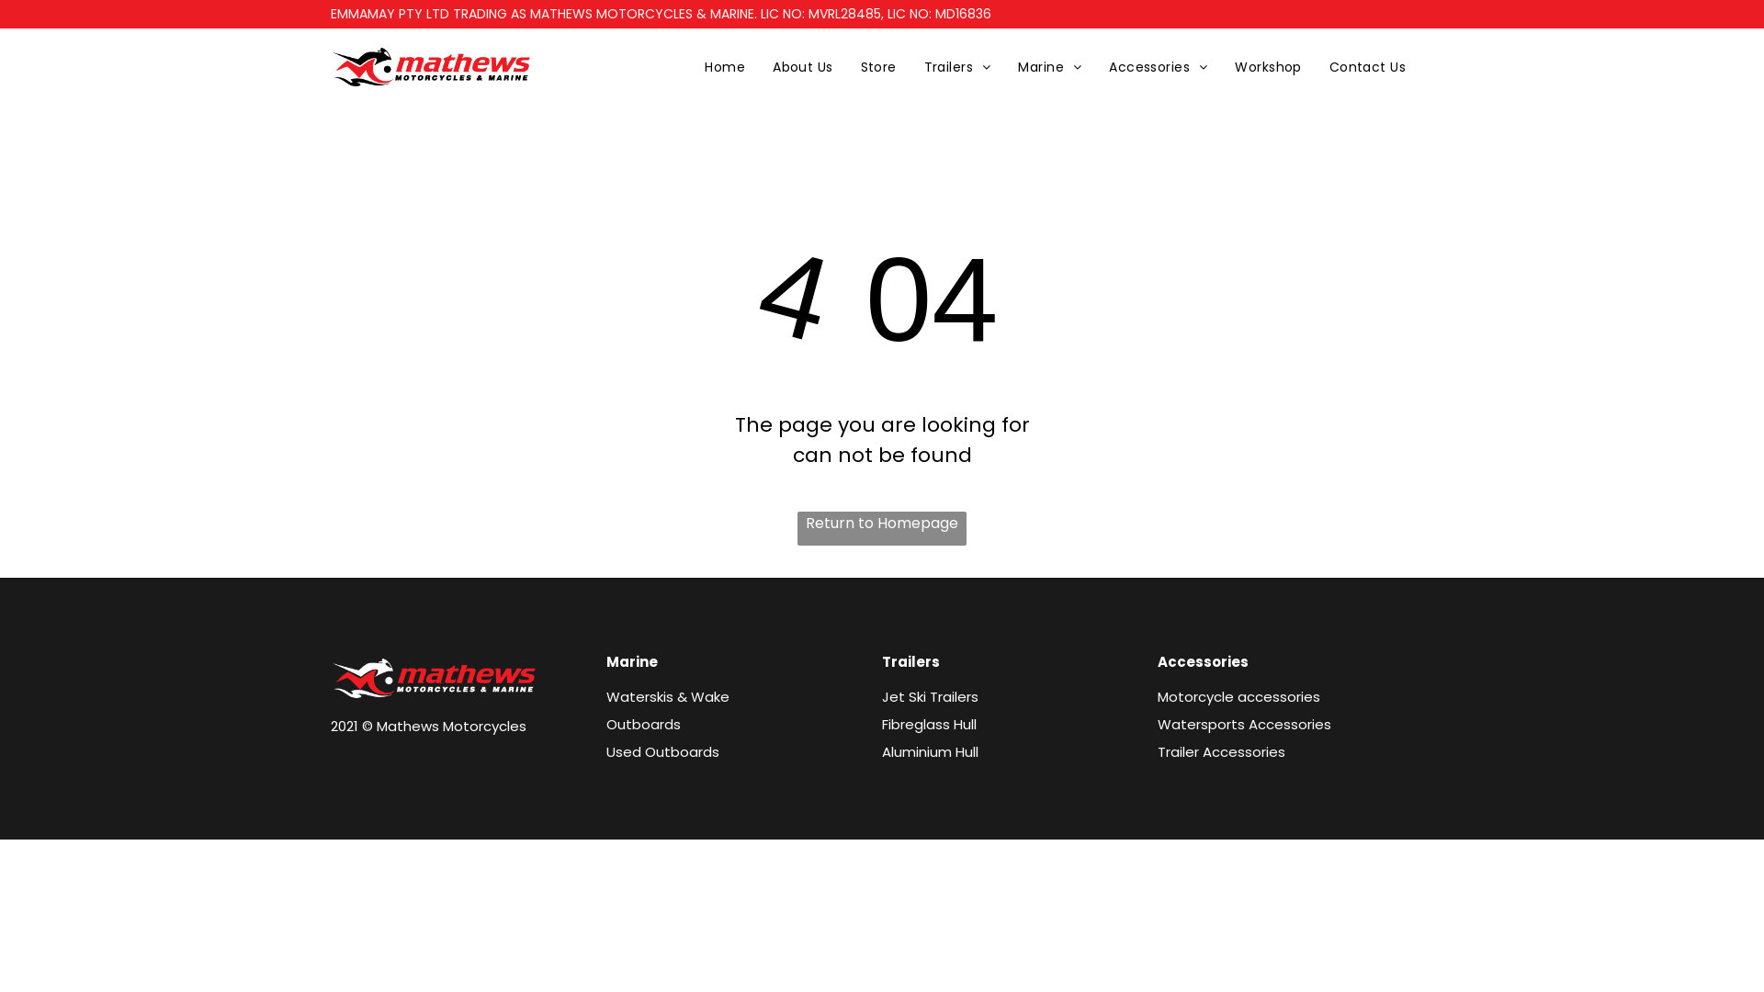 The image size is (1764, 992). I want to click on 'Store', so click(845, 66).